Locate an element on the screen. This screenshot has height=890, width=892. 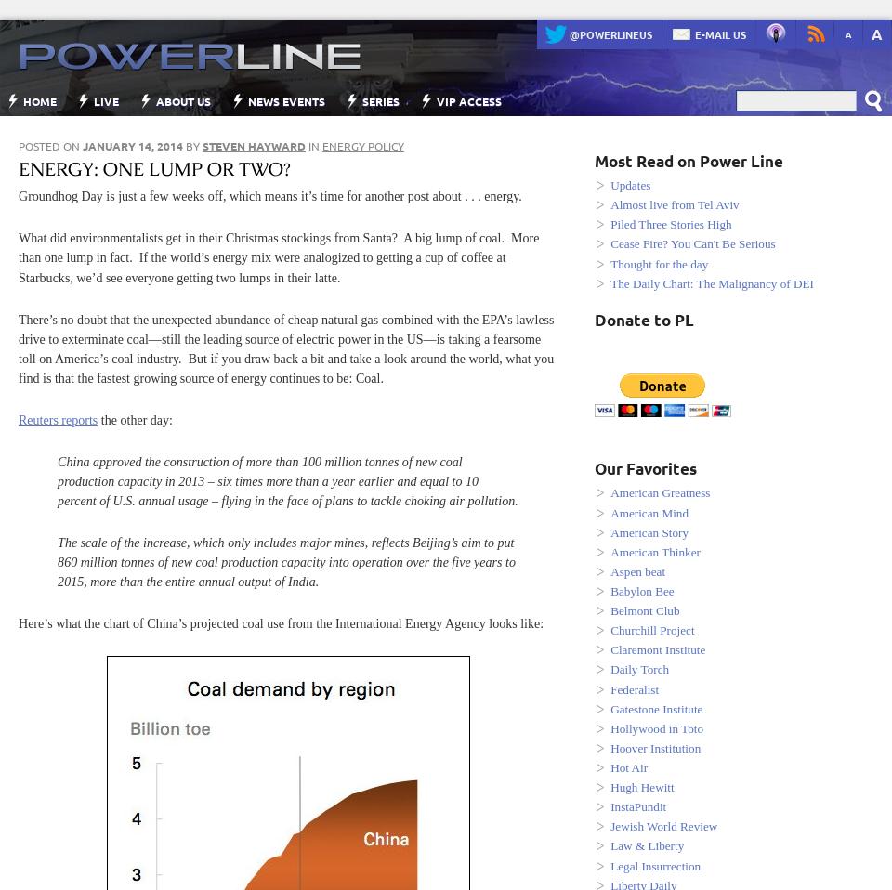
'Babylon Bee' is located at coordinates (610, 590).